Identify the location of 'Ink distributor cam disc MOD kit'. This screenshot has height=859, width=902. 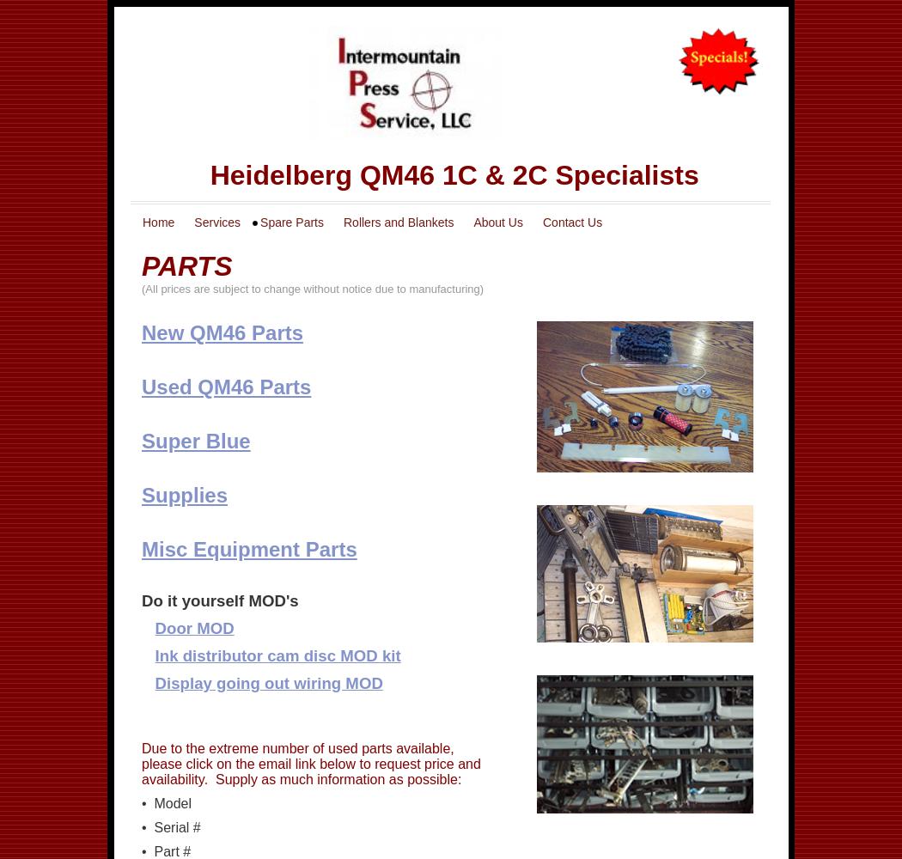
(154, 655).